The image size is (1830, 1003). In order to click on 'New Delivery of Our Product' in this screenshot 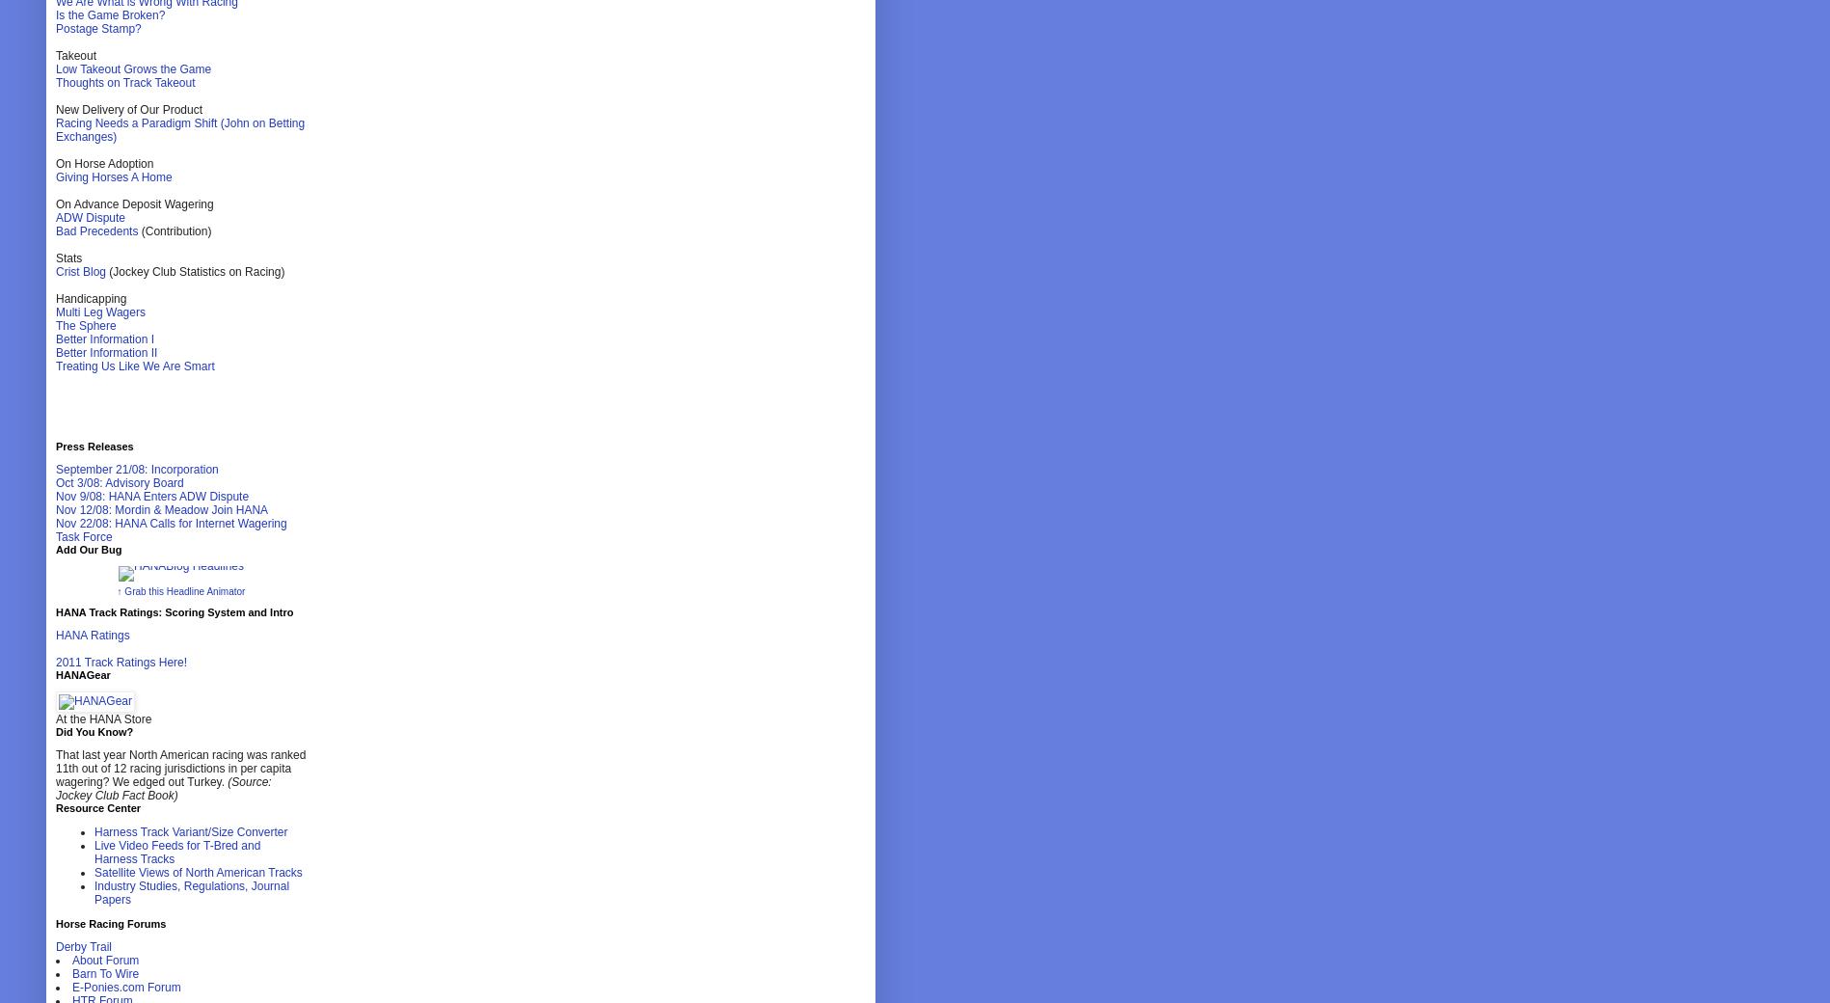, I will do `click(128, 108)`.